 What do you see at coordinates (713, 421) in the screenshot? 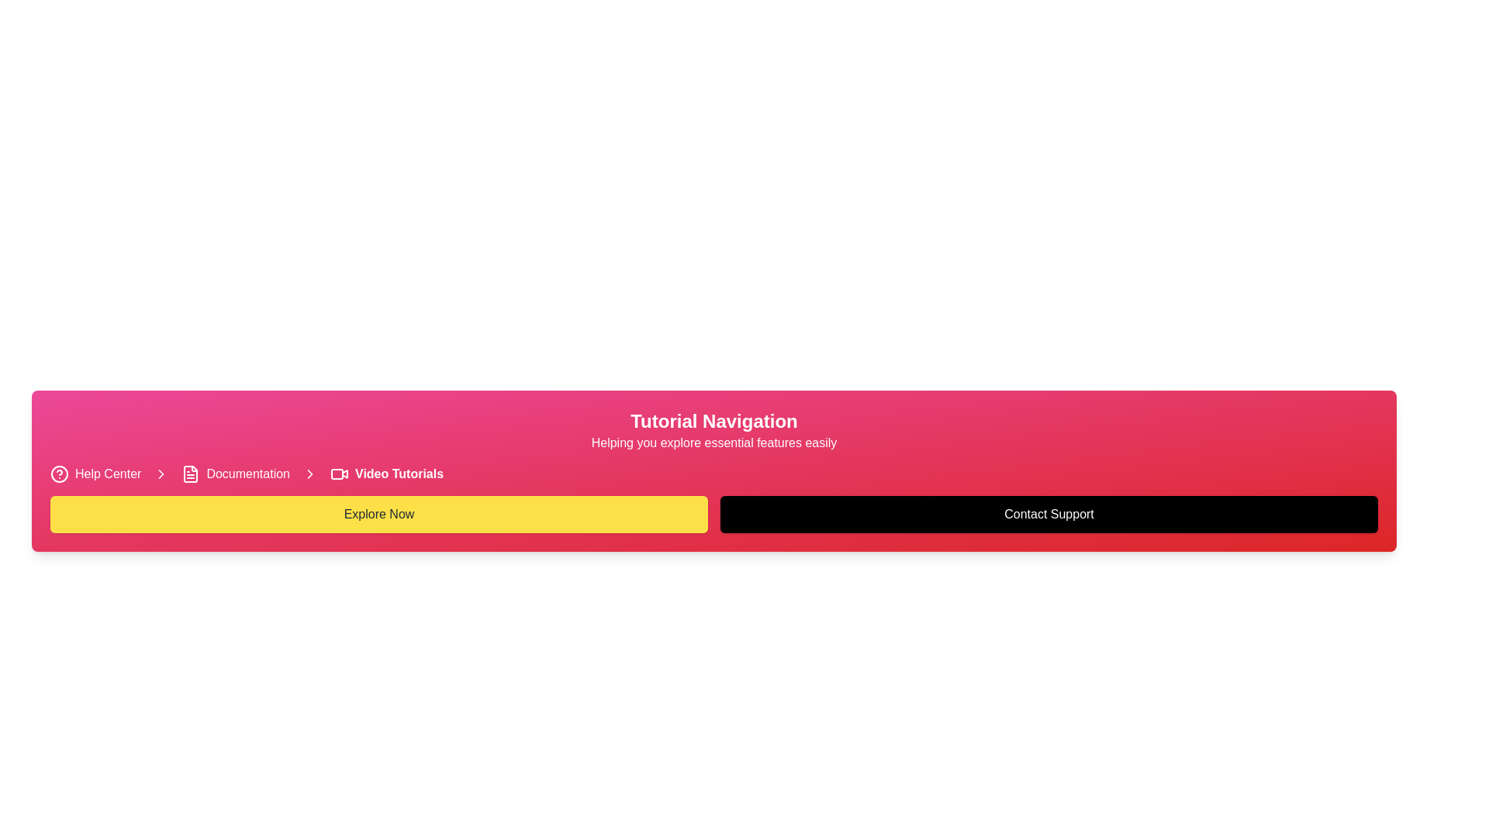
I see `the bold, white header text 'Tutorial Navigation' prominently displayed on a pink background, located near the top center of the interface` at bounding box center [713, 421].